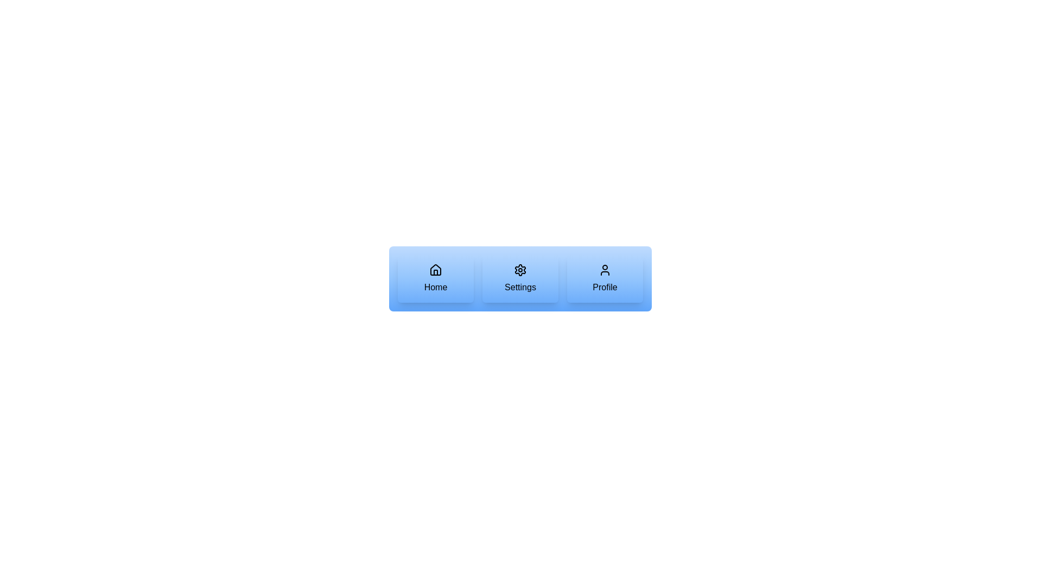 This screenshot has height=586, width=1042. Describe the element at coordinates (604, 278) in the screenshot. I see `the button labeled Profile and observe the visual feedback` at that location.